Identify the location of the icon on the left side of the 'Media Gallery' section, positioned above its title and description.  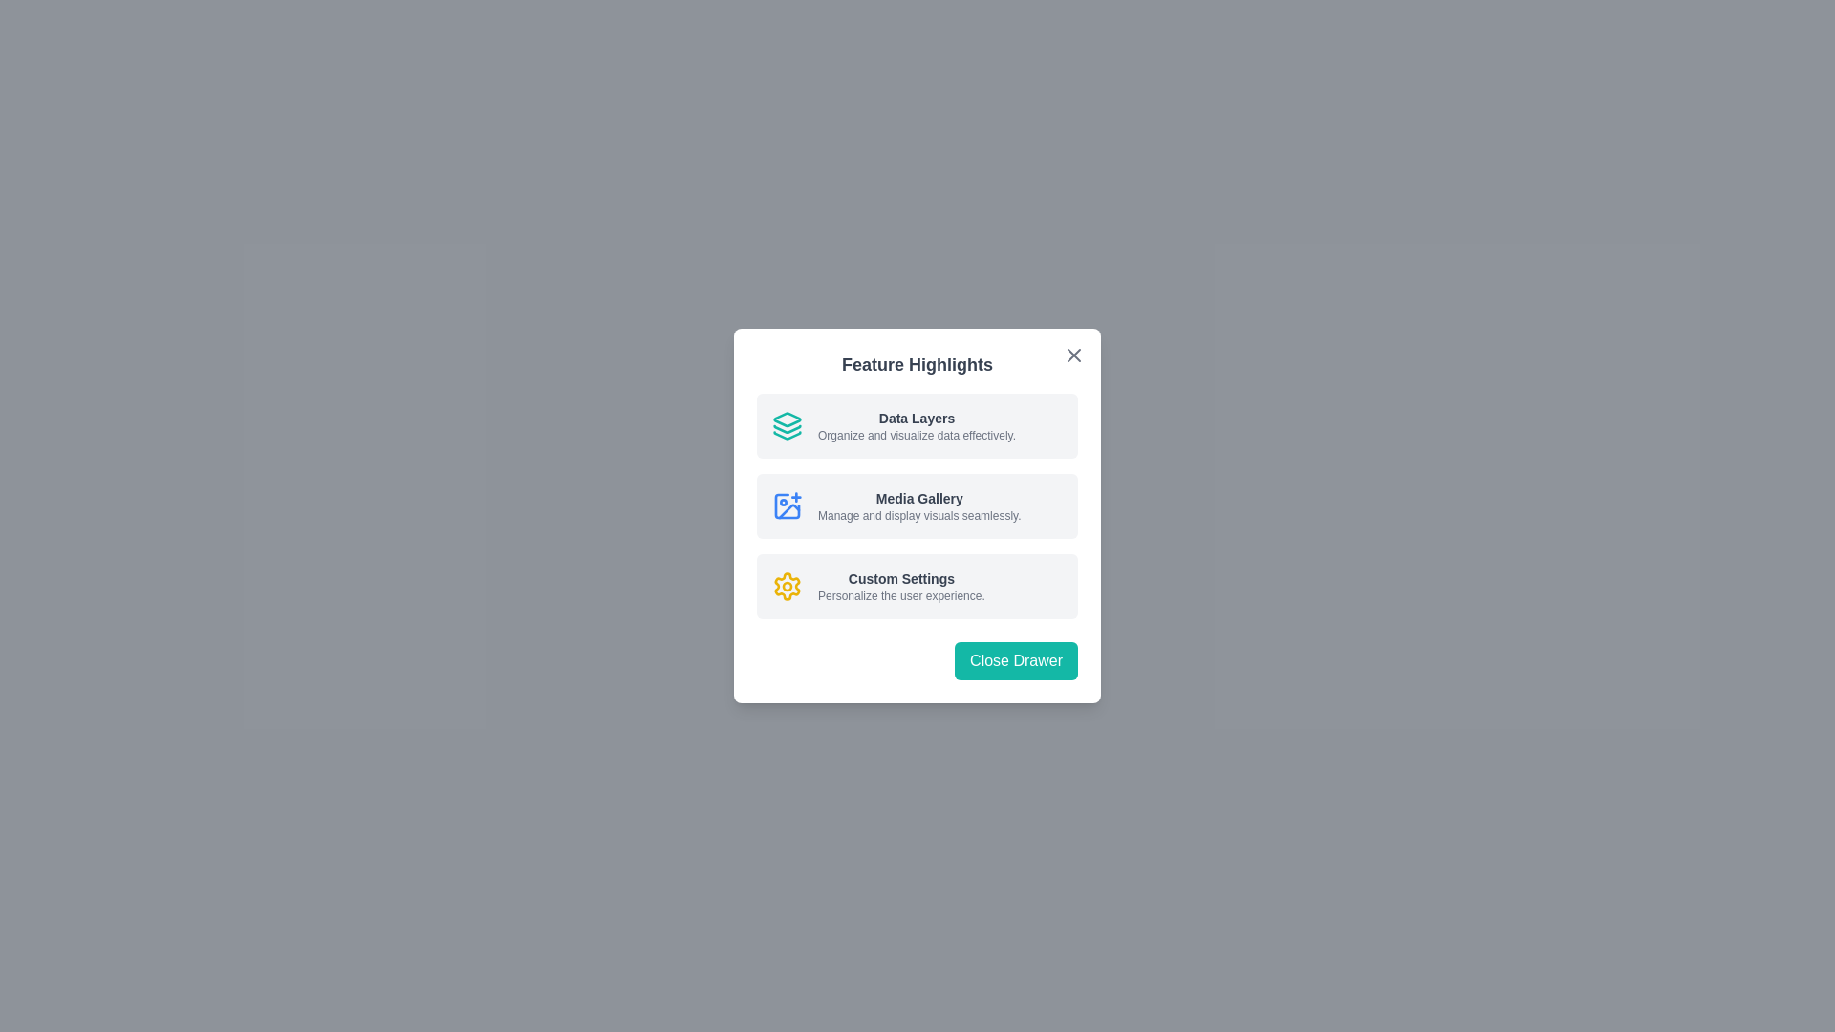
(788, 505).